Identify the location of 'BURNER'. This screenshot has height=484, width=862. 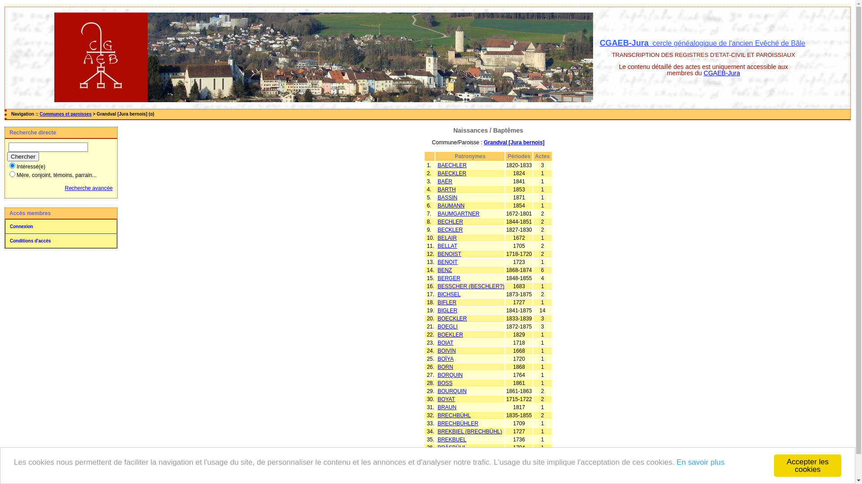
(449, 471).